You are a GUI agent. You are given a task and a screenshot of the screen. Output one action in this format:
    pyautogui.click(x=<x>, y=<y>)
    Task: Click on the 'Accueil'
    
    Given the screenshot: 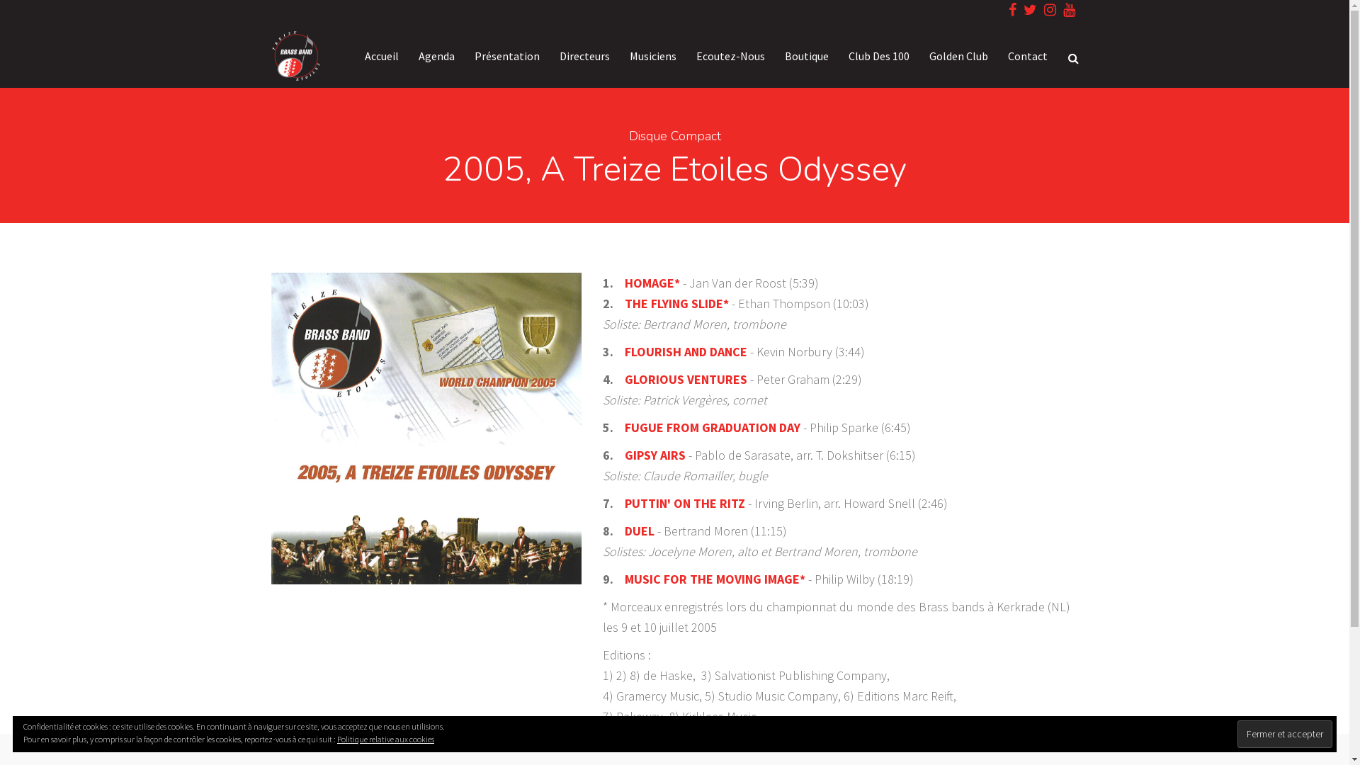 What is the action you would take?
    pyautogui.click(x=380, y=55)
    